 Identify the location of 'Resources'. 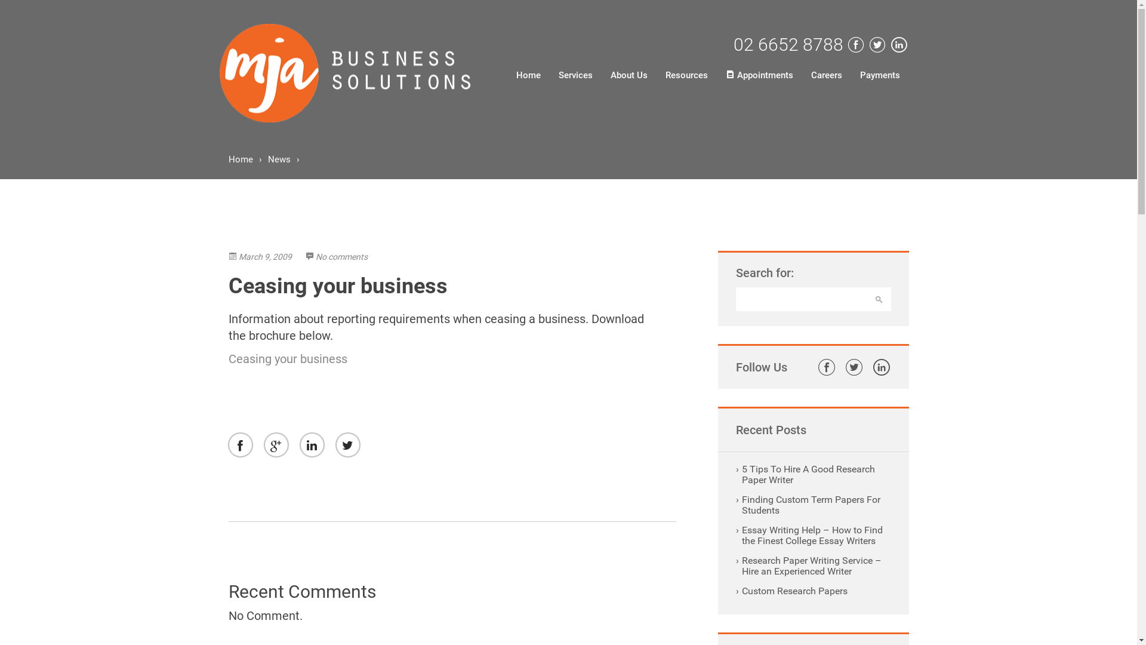
(686, 75).